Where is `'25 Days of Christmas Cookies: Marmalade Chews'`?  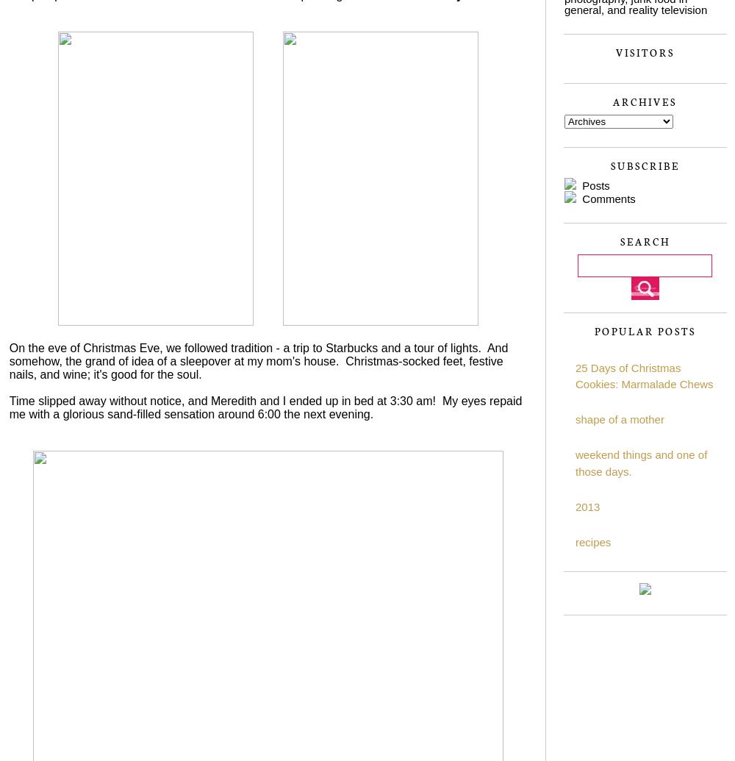
'25 Days of Christmas Cookies: Marmalade Chews' is located at coordinates (644, 375).